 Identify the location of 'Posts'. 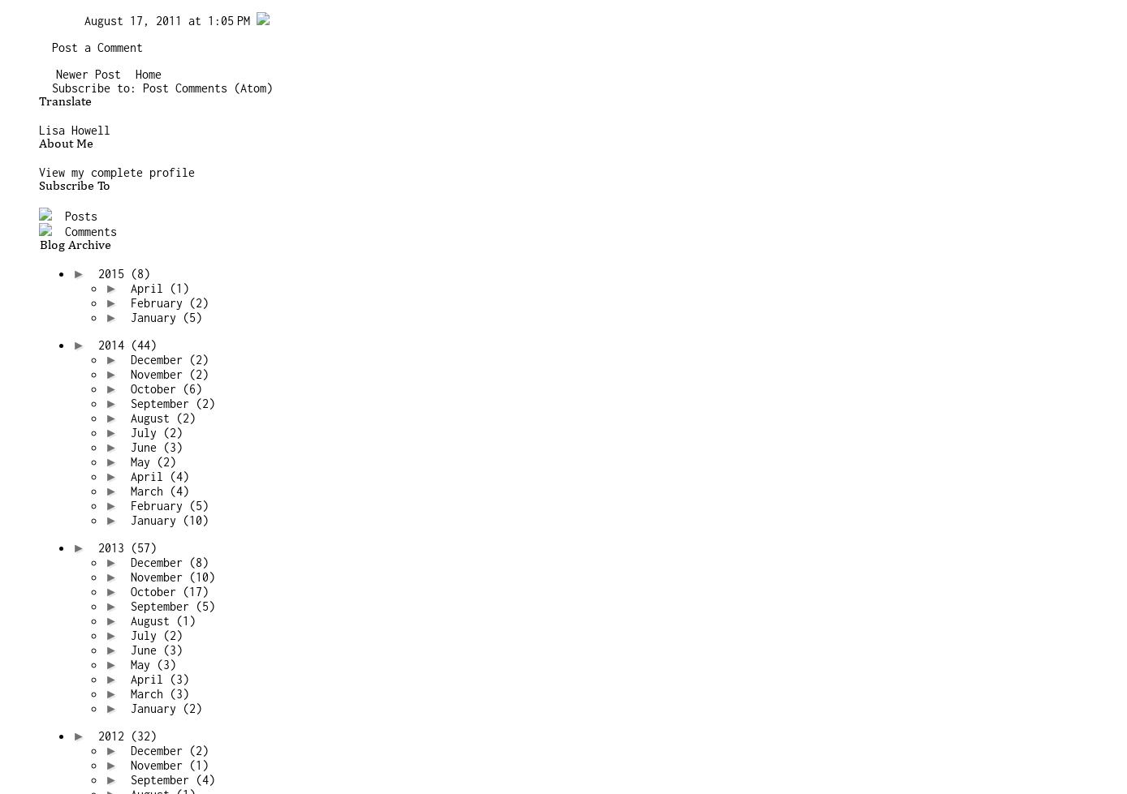
(77, 216).